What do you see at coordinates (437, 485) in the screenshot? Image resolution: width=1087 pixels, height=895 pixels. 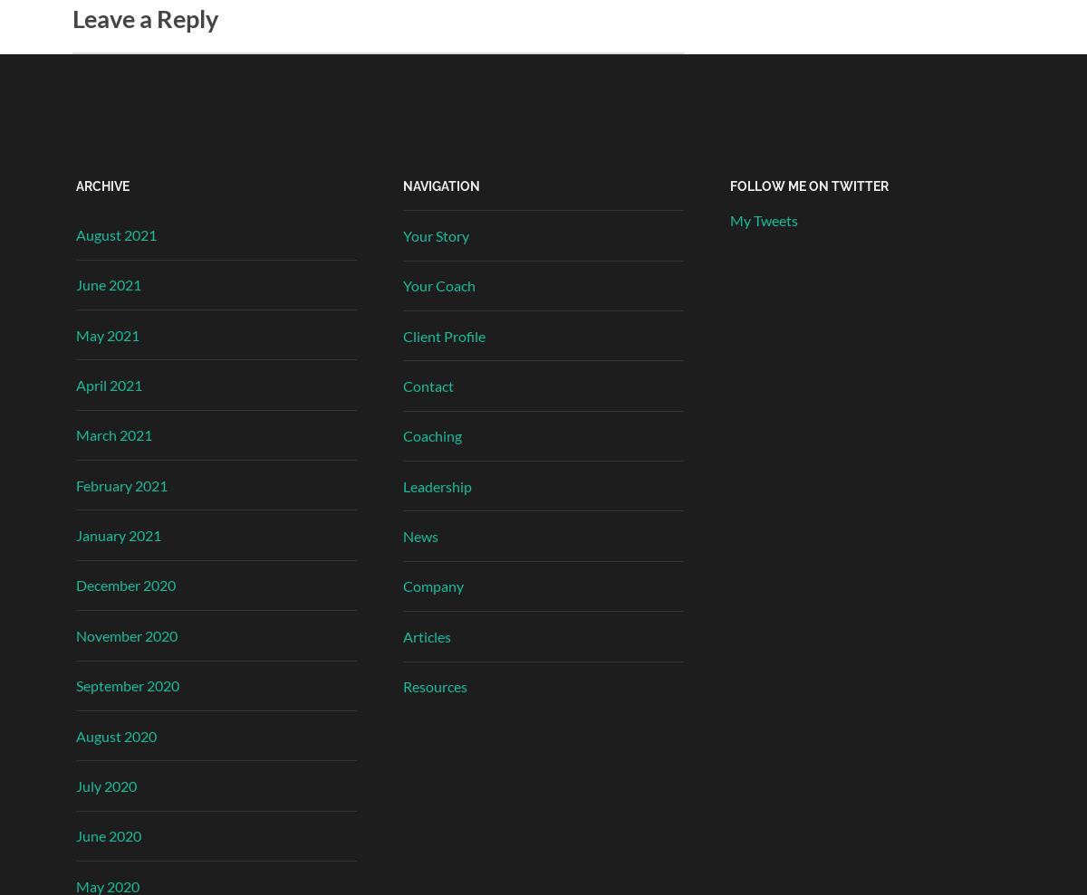 I see `'Leadership'` at bounding box center [437, 485].